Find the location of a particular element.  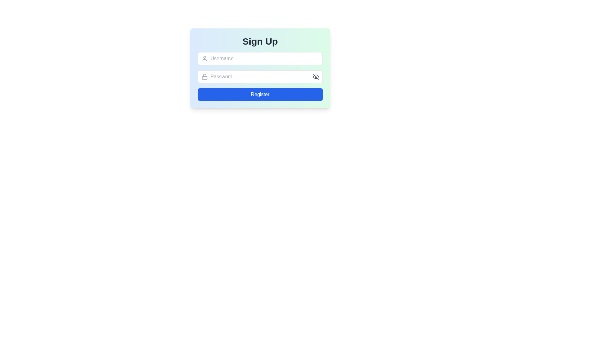

the lock icon graphic element that represents secure input for the password field, located below the shackle arc and to the left of the password input field is located at coordinates (204, 77).